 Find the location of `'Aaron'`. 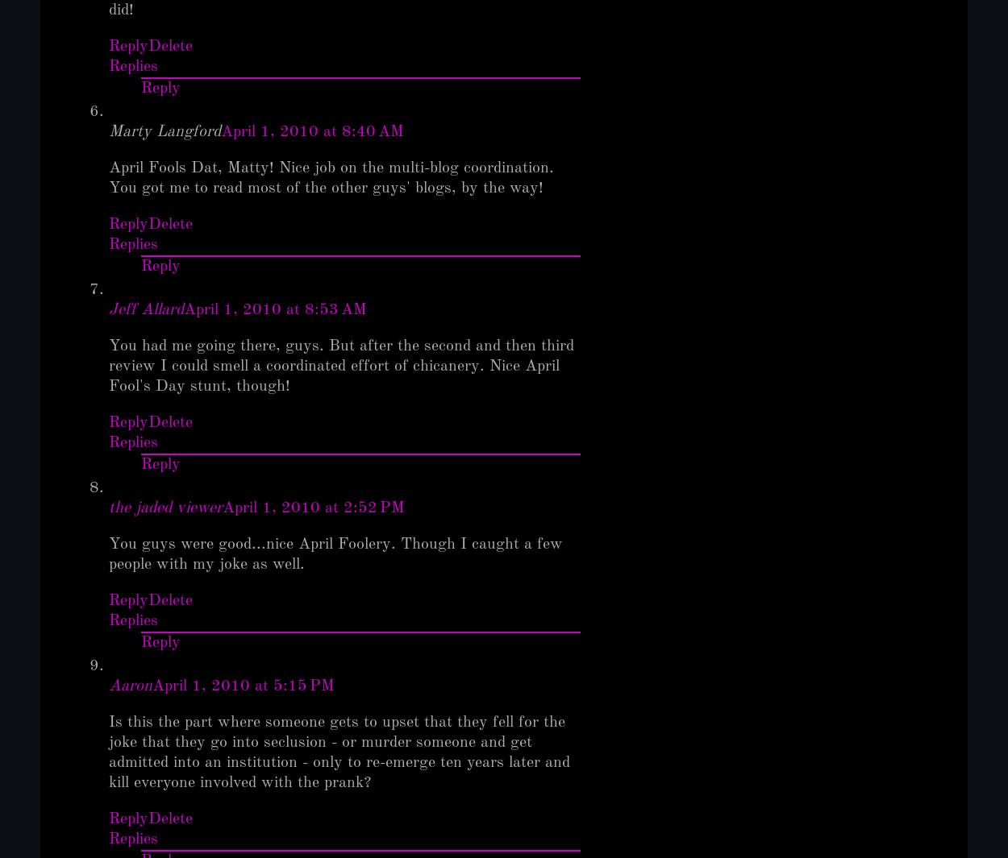

'Aaron' is located at coordinates (131, 686).